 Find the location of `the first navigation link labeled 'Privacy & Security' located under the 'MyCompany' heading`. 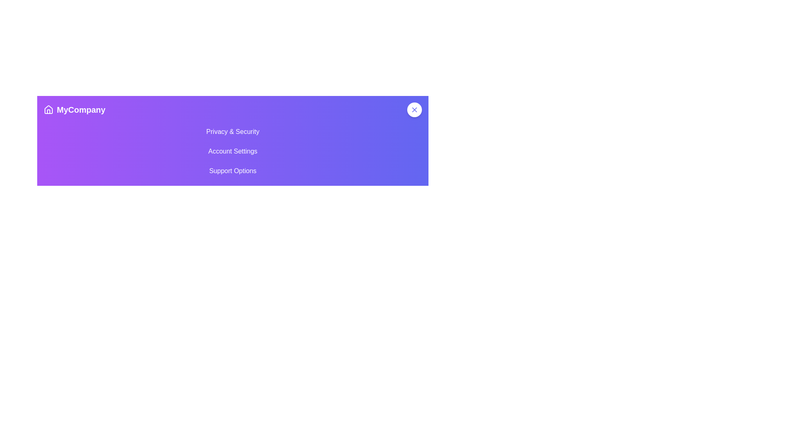

the first navigation link labeled 'Privacy & Security' located under the 'MyCompany' heading is located at coordinates (232, 131).